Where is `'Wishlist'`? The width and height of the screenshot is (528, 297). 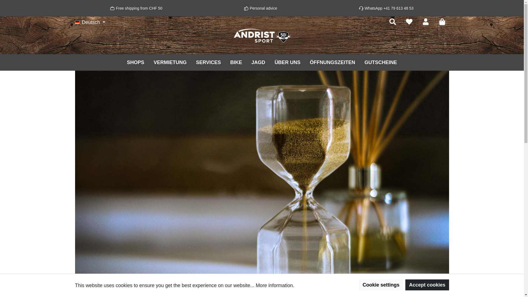 'Wishlist' is located at coordinates (409, 21).